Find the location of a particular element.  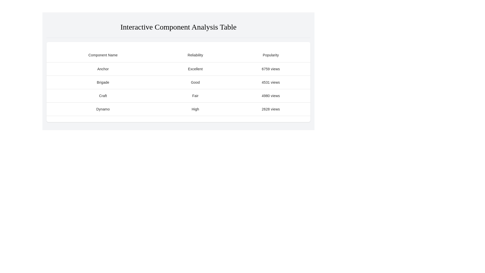

the table cell containing the text 'Good' in the 'Reliability' column aligned with the 'Brigade' row is located at coordinates (195, 82).